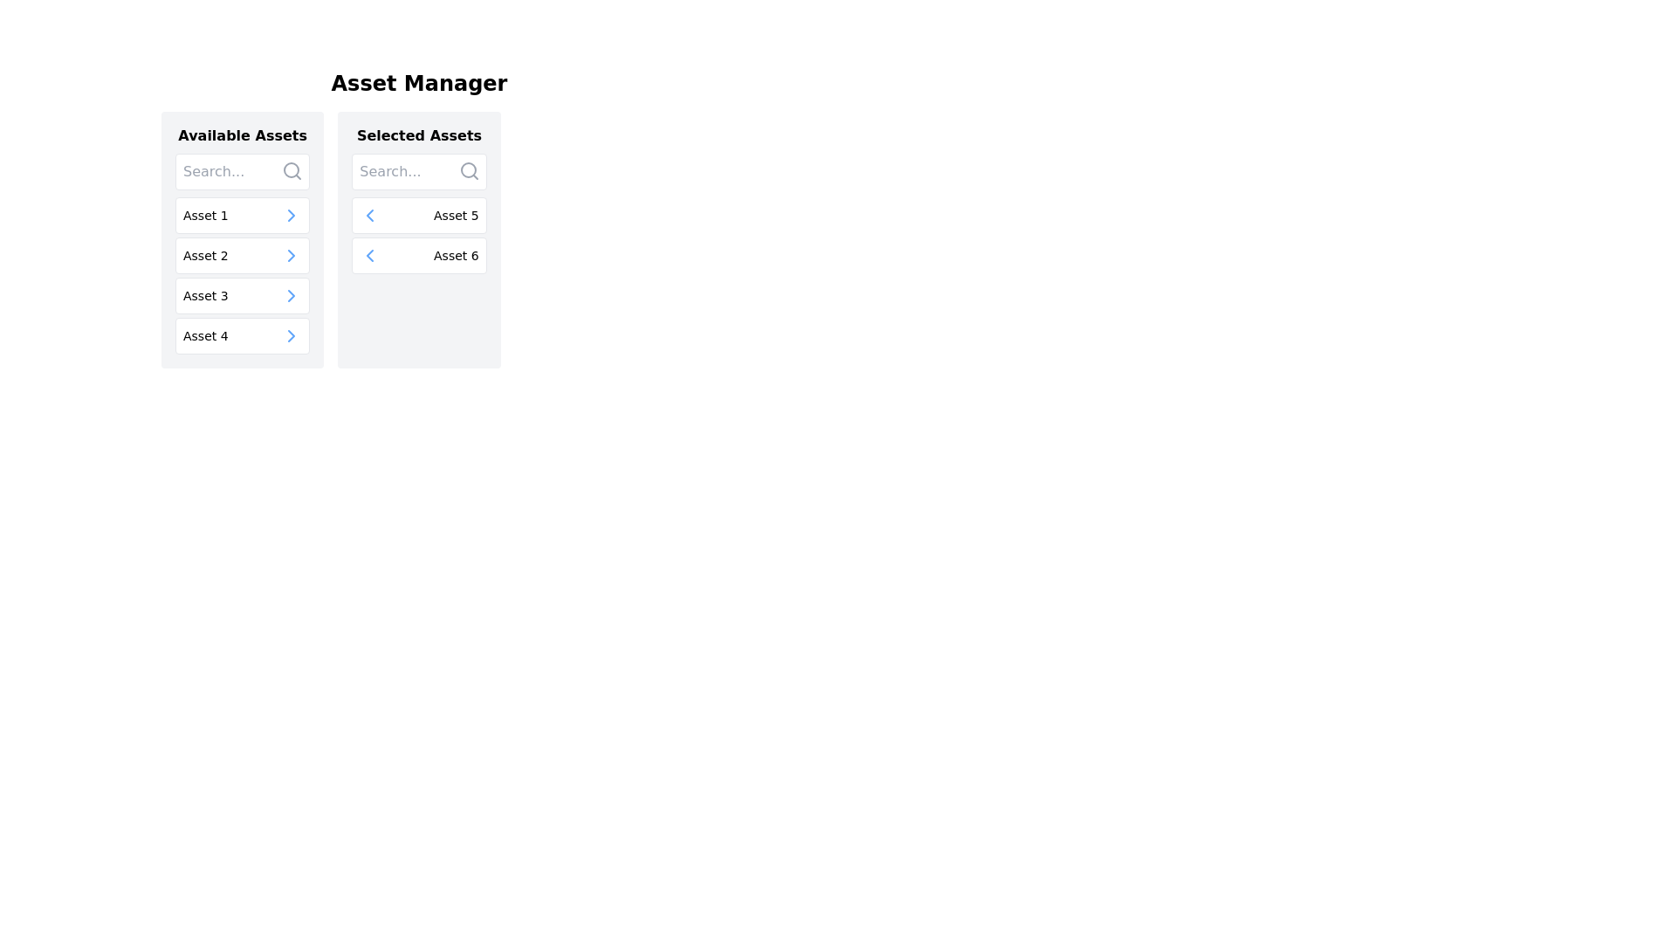  Describe the element at coordinates (419, 134) in the screenshot. I see `the label indicating the section displaying selected items, located at the top of the right panel next to 'Available Assets' under 'Asset Manager'` at that location.